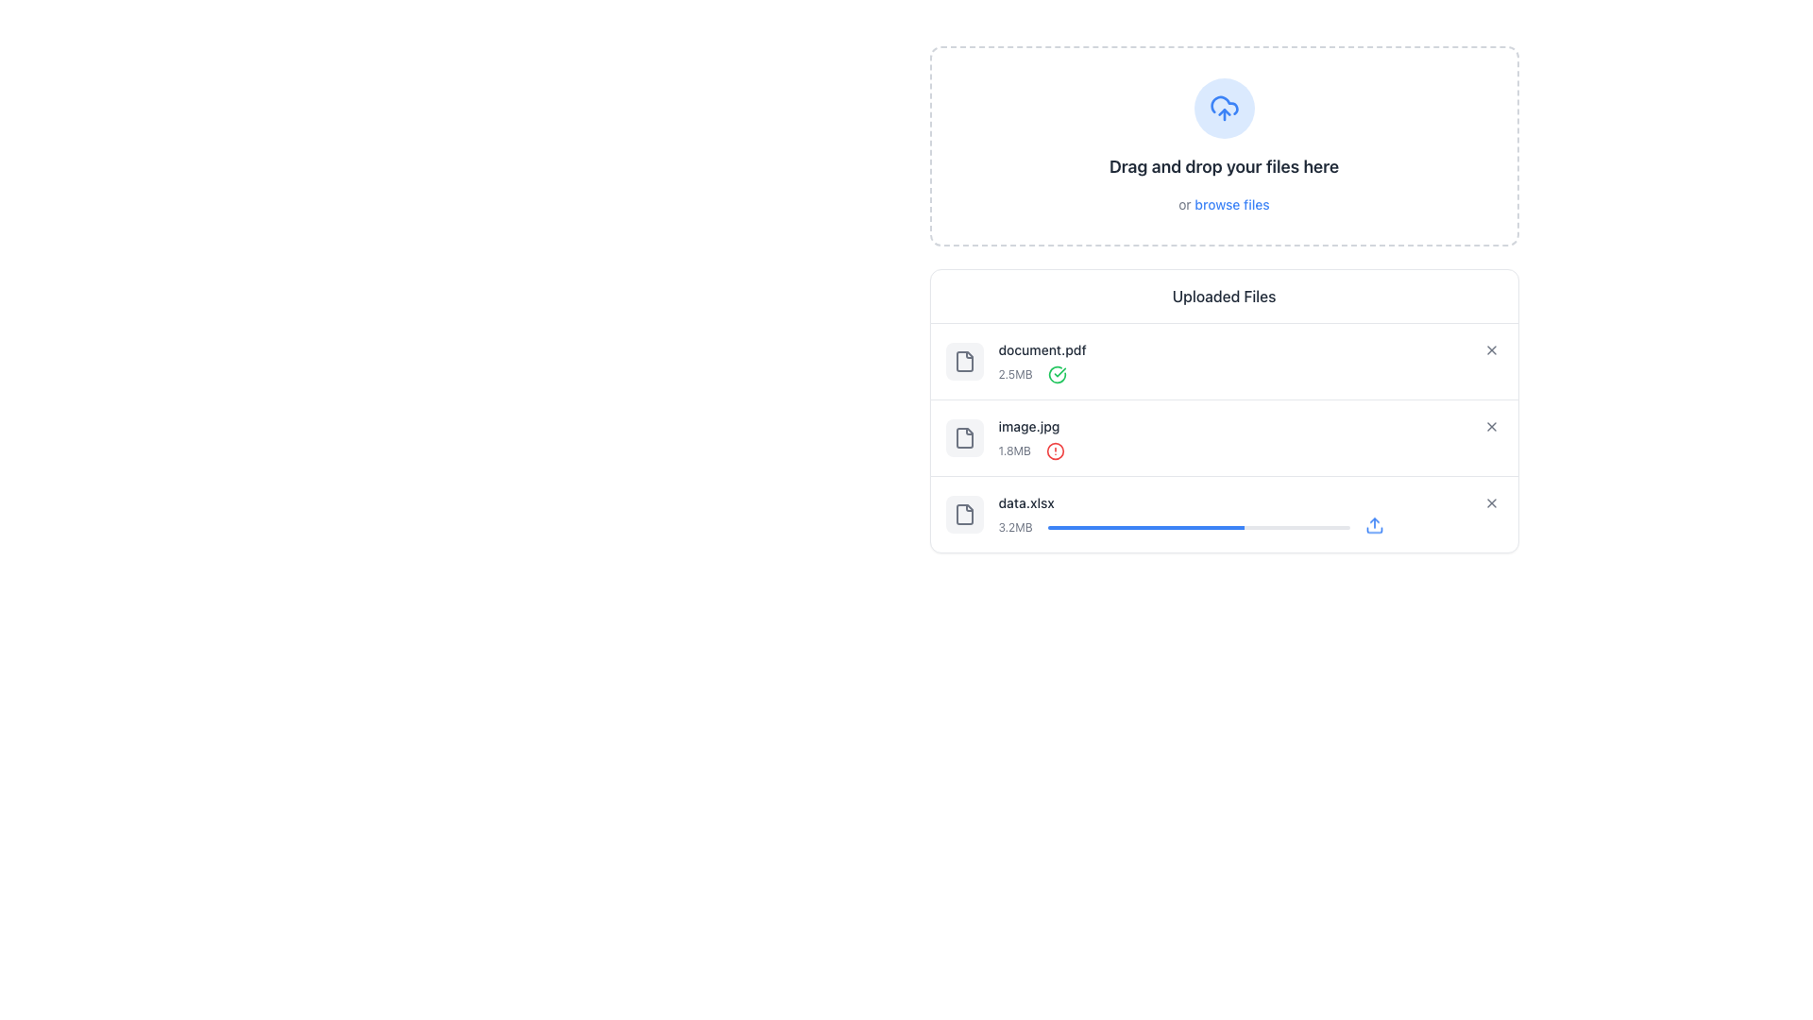 This screenshot has width=1813, height=1020. What do you see at coordinates (1490, 349) in the screenshot?
I see `the circular button with a gray 'X' icon located to the right of 'document.pdf'` at bounding box center [1490, 349].